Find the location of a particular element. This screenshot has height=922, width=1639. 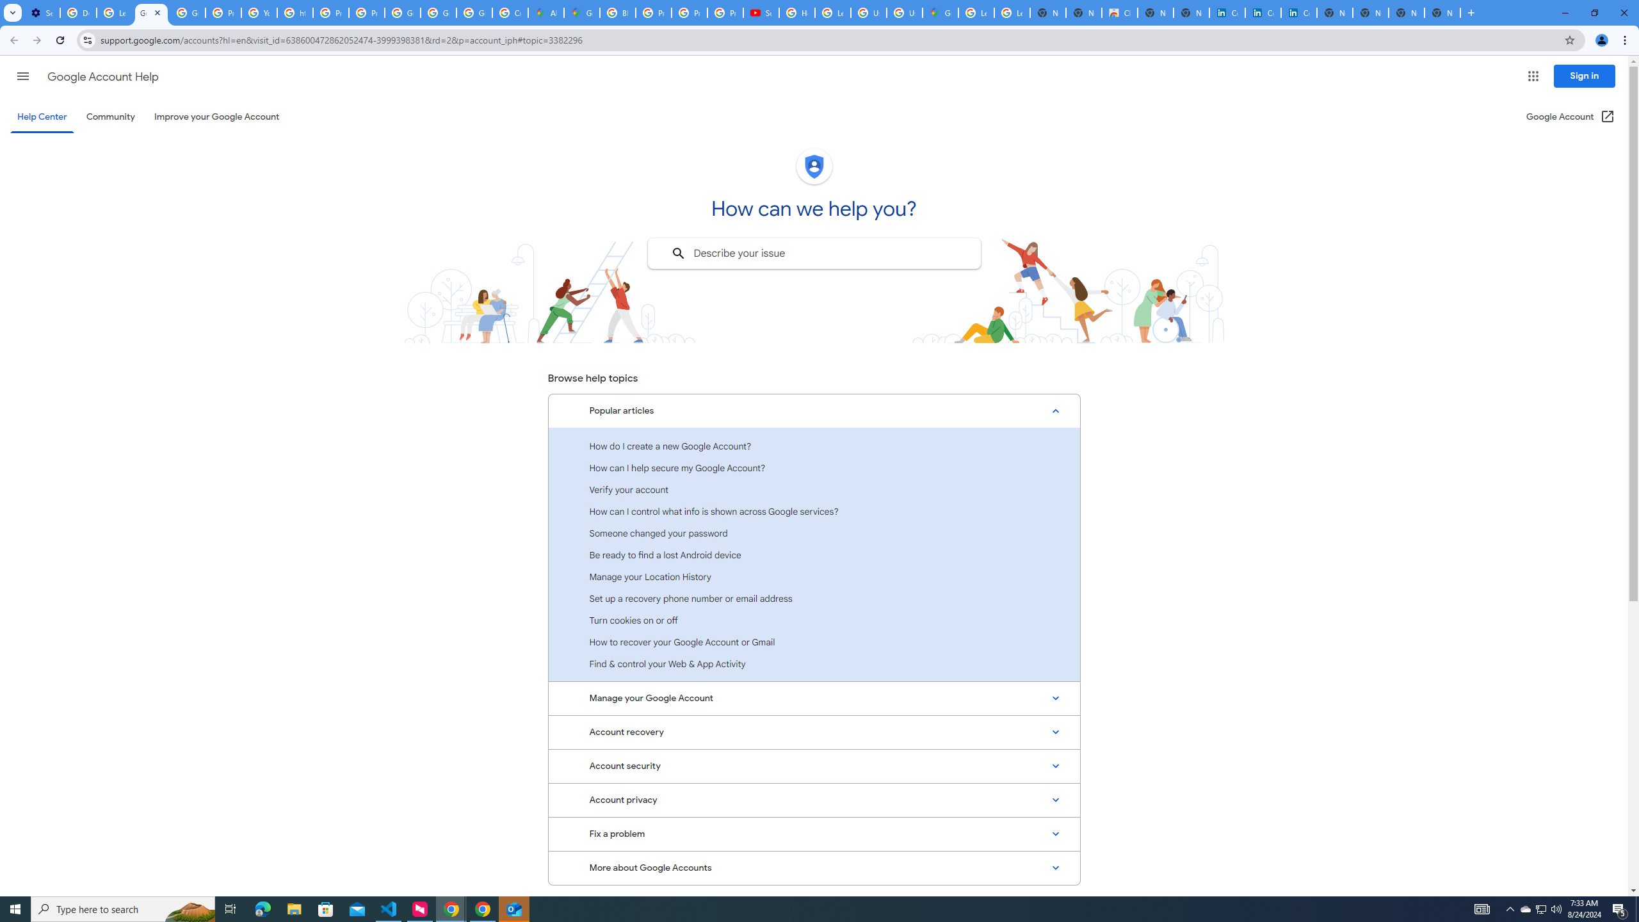

'Verify your account' is located at coordinates (814, 489).